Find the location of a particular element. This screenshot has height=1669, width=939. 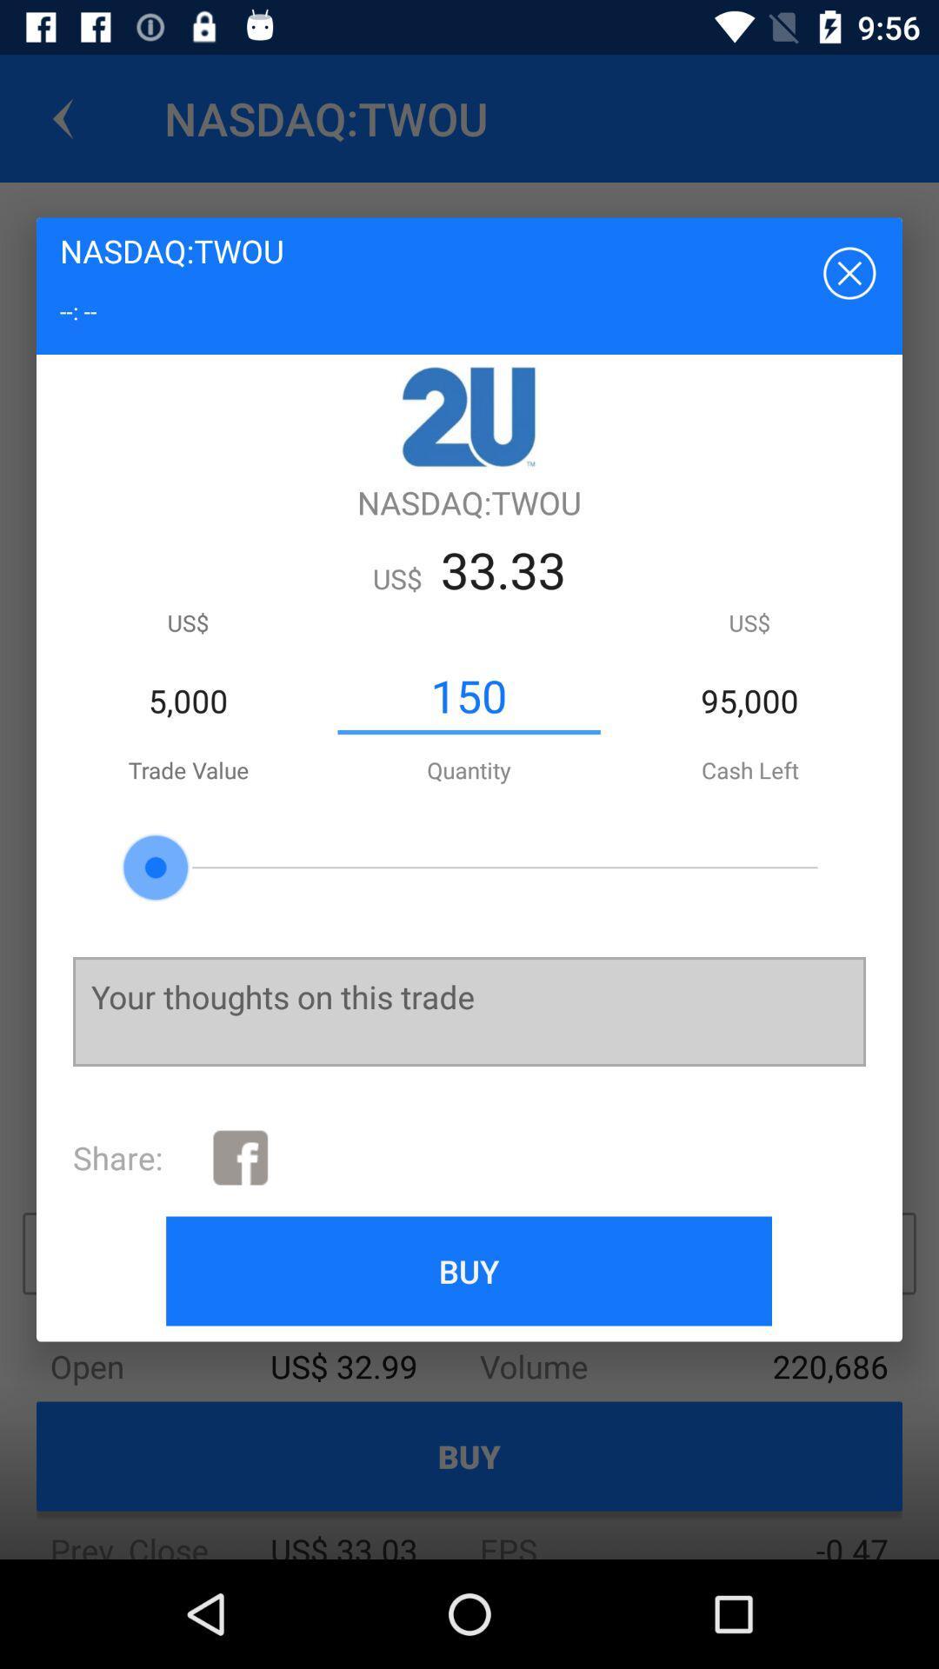

item above the quantity item is located at coordinates (468, 696).